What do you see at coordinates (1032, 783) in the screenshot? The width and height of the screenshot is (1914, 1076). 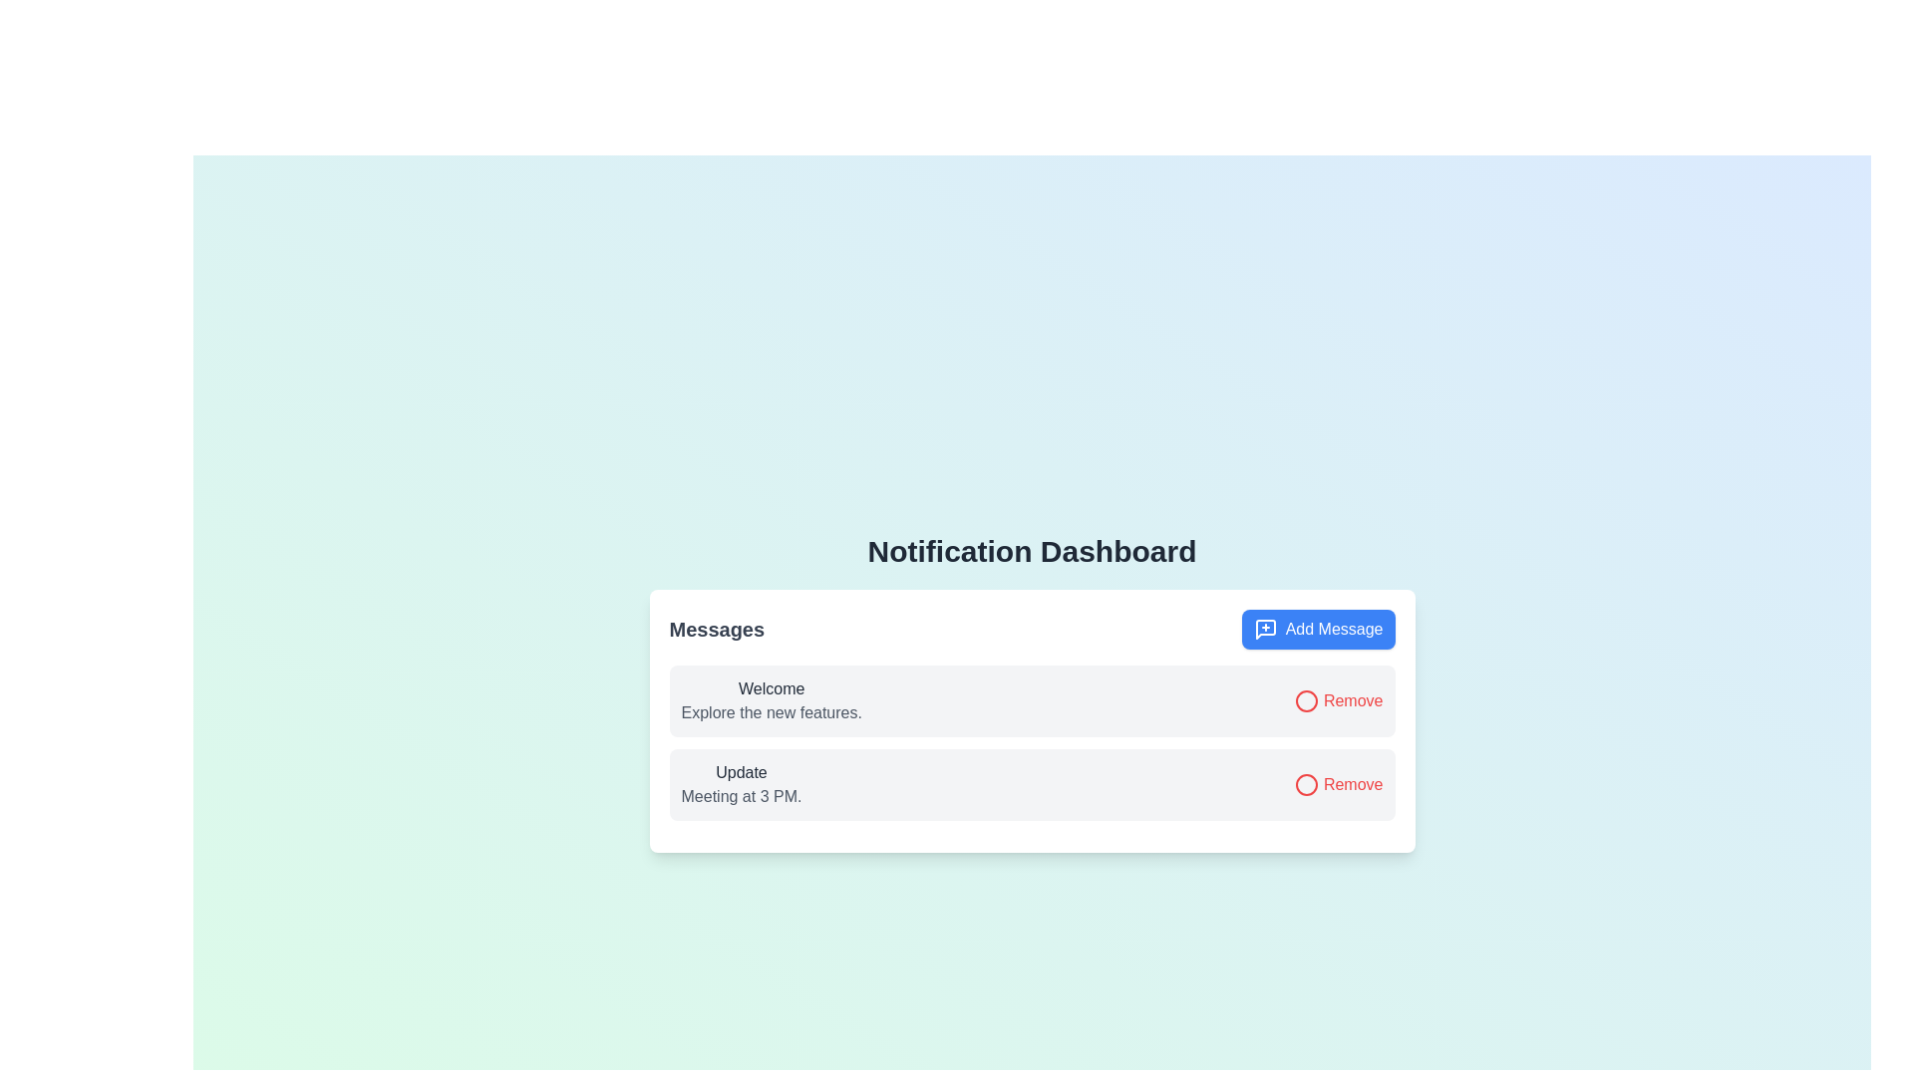 I see `information about the meeting from the Notification card element that contains 'Update' and 'Meeting at 3 PM.' with a red 'Remove' label` at bounding box center [1032, 783].